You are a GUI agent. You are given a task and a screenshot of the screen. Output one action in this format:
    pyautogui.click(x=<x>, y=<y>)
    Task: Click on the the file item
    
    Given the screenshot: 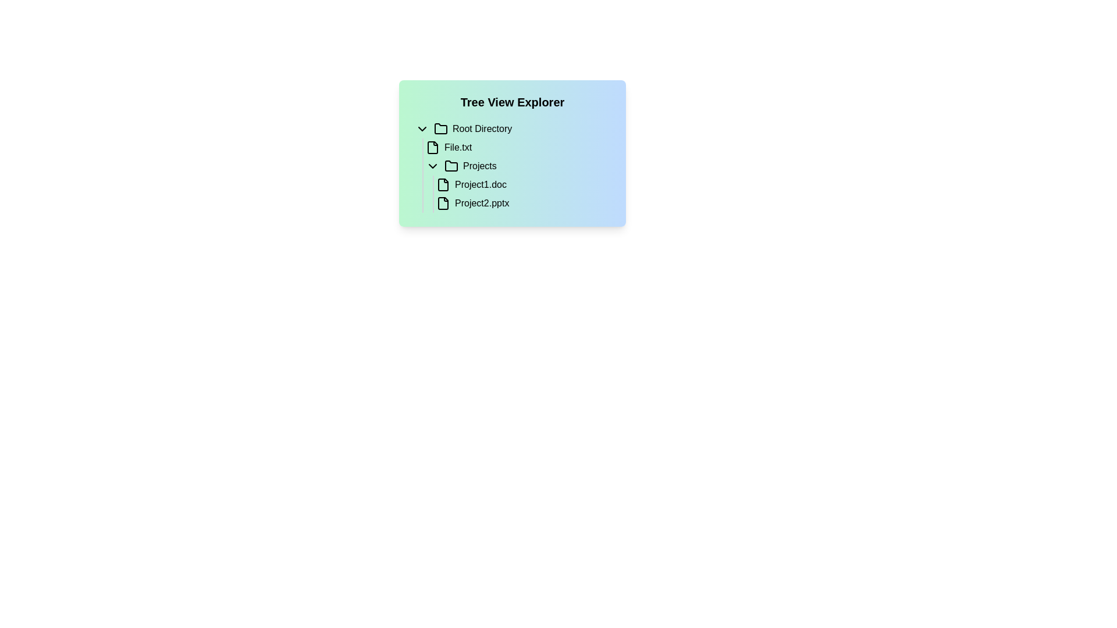 What is the action you would take?
    pyautogui.click(x=521, y=194)
    